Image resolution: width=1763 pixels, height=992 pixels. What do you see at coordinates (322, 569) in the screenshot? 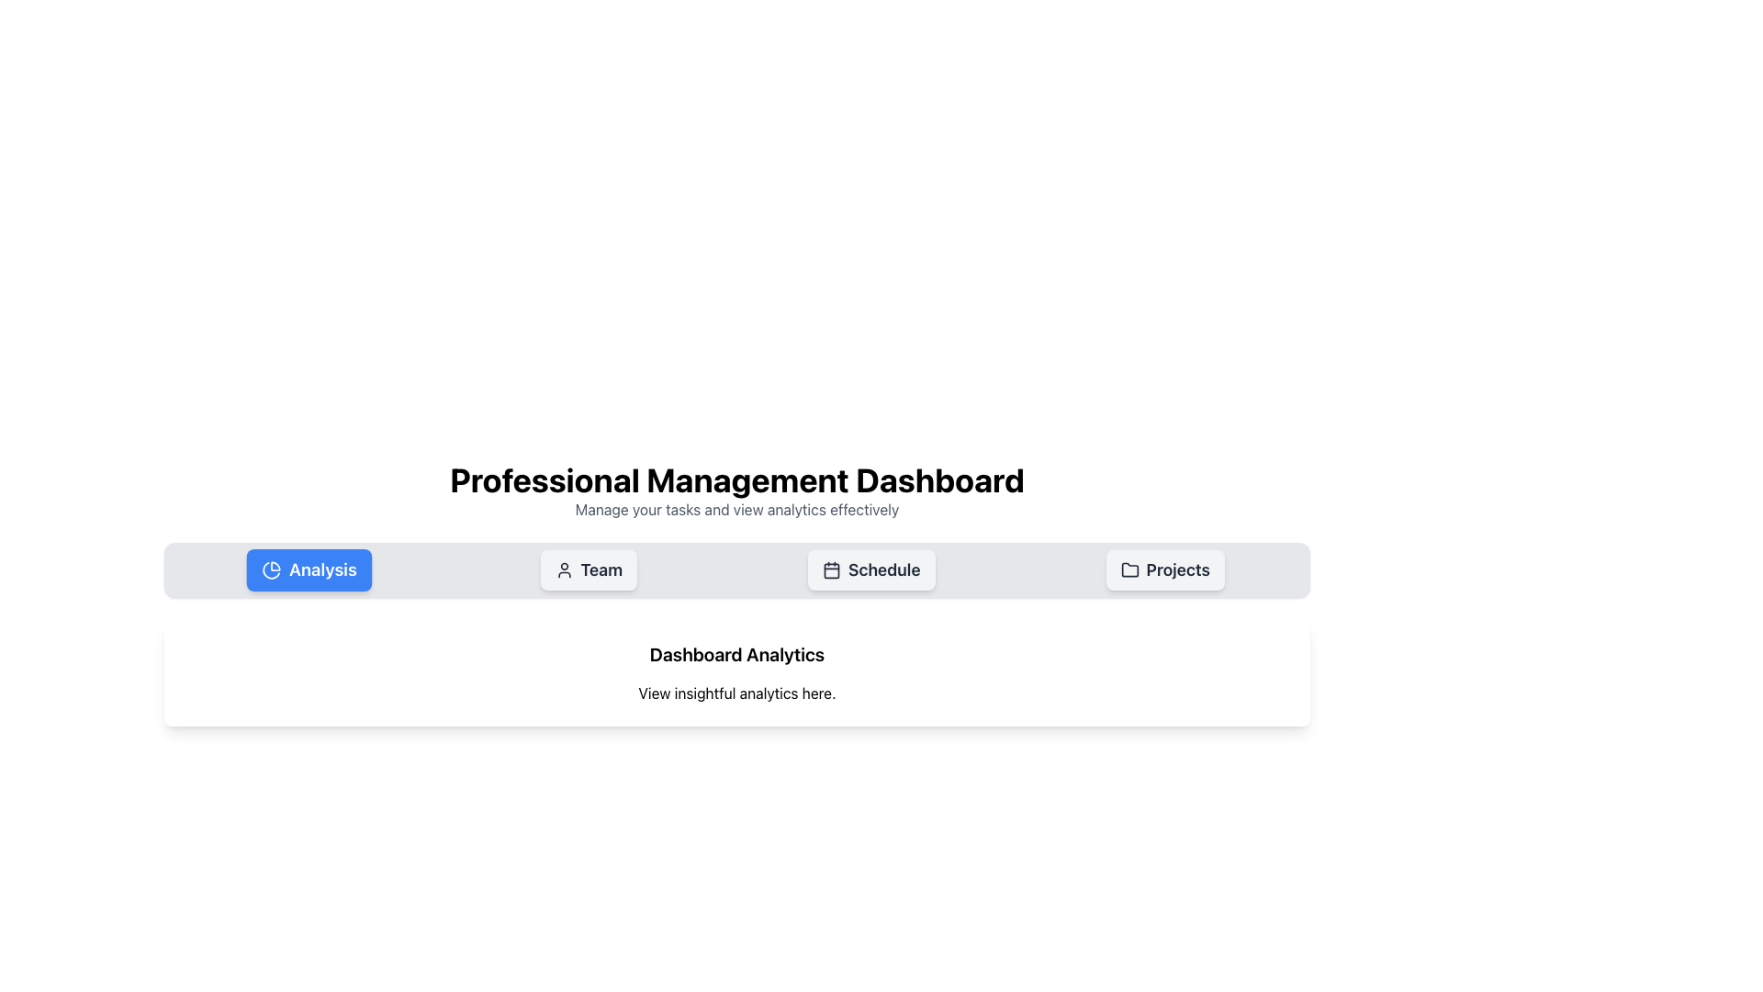
I see `label text 'Analysis' from the button located at the left side of the menu bar, which is part of the interactive button used for navigation` at bounding box center [322, 569].